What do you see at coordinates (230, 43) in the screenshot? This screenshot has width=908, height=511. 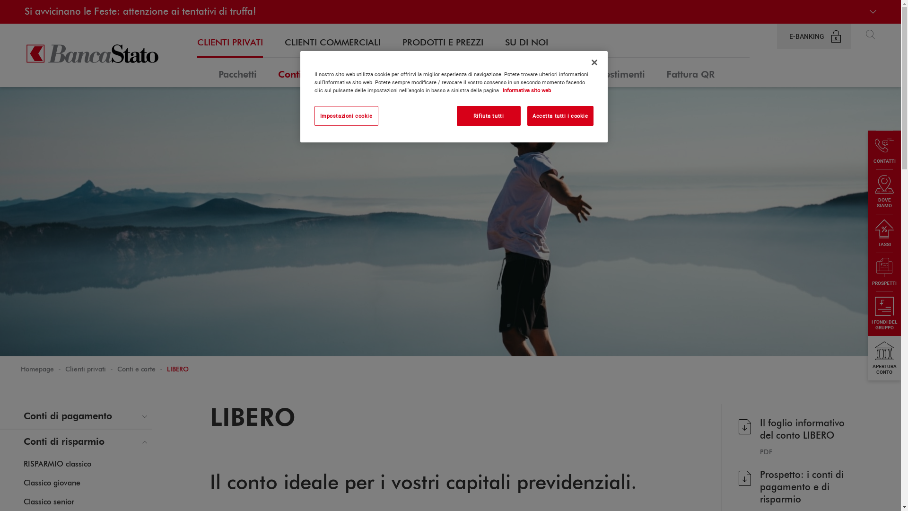 I see `'CLIENTI PRIVATI'` at bounding box center [230, 43].